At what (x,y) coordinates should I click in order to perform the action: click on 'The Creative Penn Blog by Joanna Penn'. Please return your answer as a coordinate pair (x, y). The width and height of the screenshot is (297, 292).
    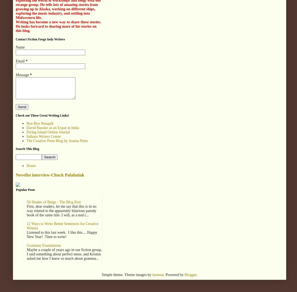
    Looking at the image, I should click on (57, 140).